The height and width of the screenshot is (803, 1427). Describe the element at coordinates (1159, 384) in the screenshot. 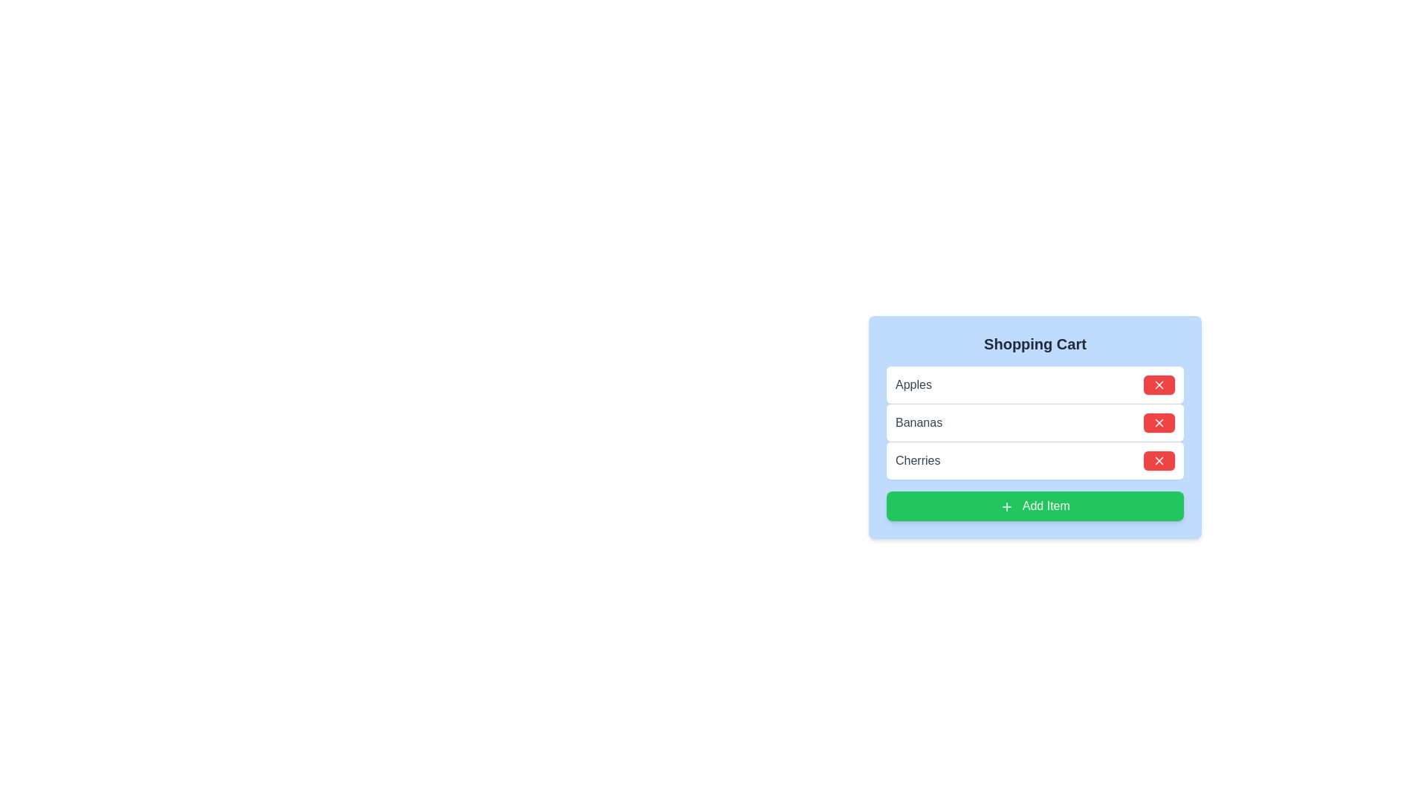

I see `the delete icon button for the item 'Apples' in the shopping cart` at that location.